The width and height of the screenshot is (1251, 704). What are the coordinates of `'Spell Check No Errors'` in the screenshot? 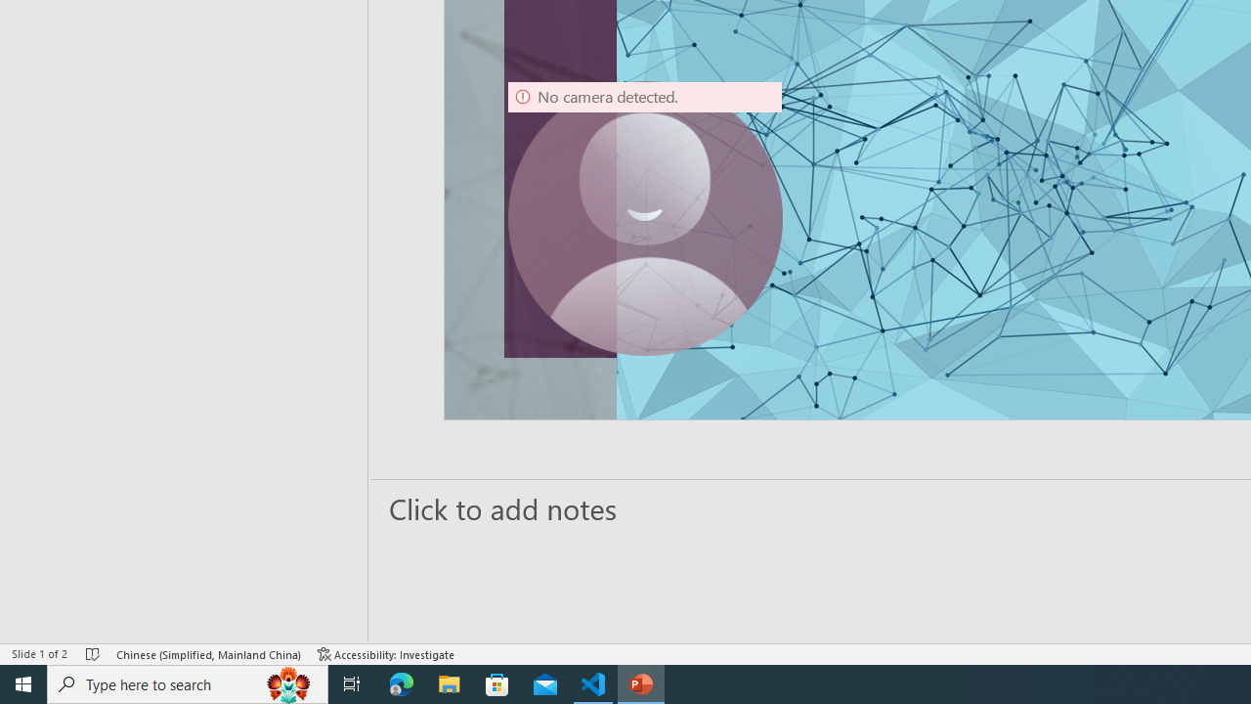 It's located at (93, 654).